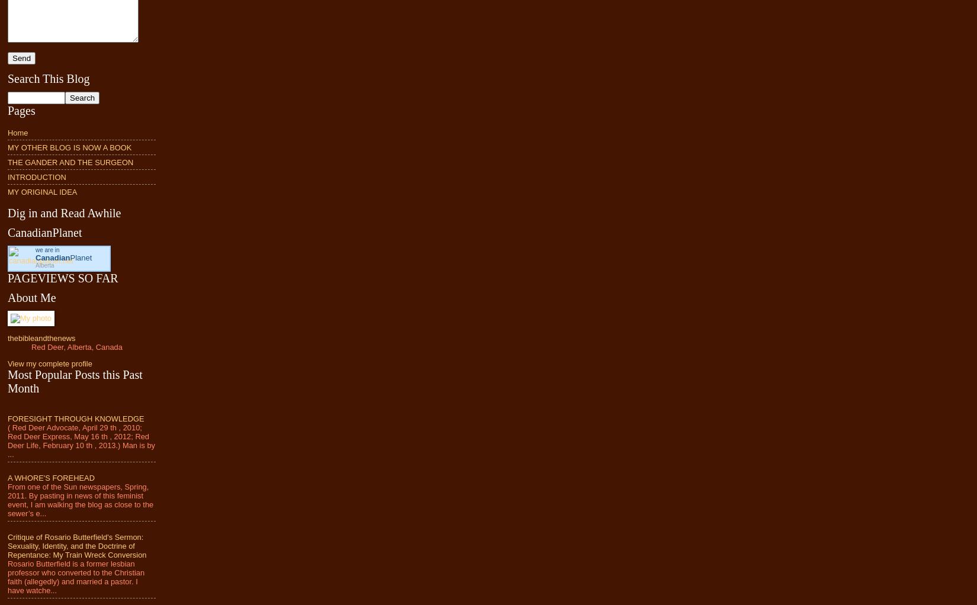 This screenshot has height=605, width=977. What do you see at coordinates (69, 146) in the screenshot?
I see `'MY OTHER BLOG IS NOW A BOOK'` at bounding box center [69, 146].